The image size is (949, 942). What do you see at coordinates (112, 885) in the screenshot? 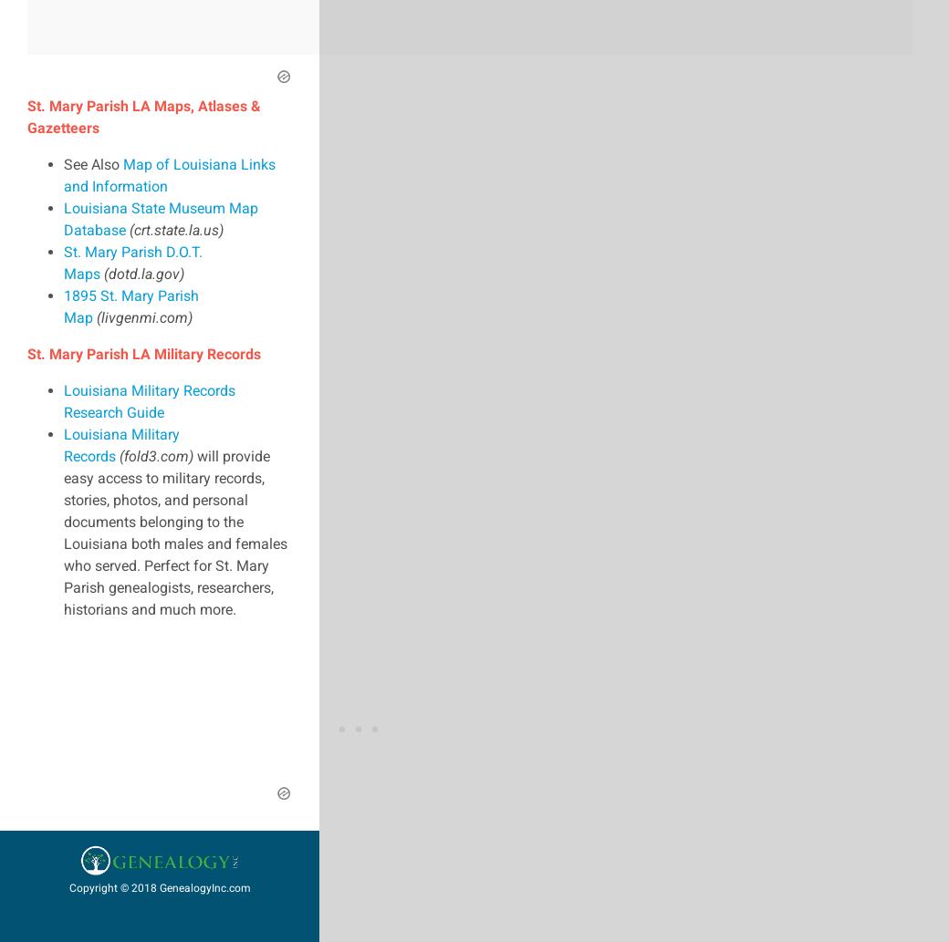
I see `'Copyright © 2018'` at bounding box center [112, 885].